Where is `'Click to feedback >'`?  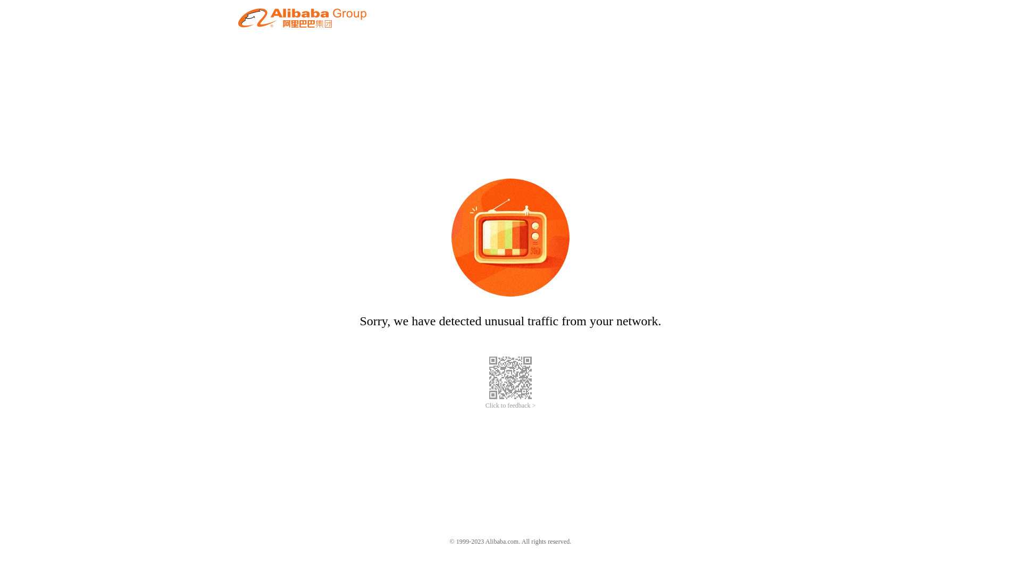
'Click to feedback >' is located at coordinates (510, 406).